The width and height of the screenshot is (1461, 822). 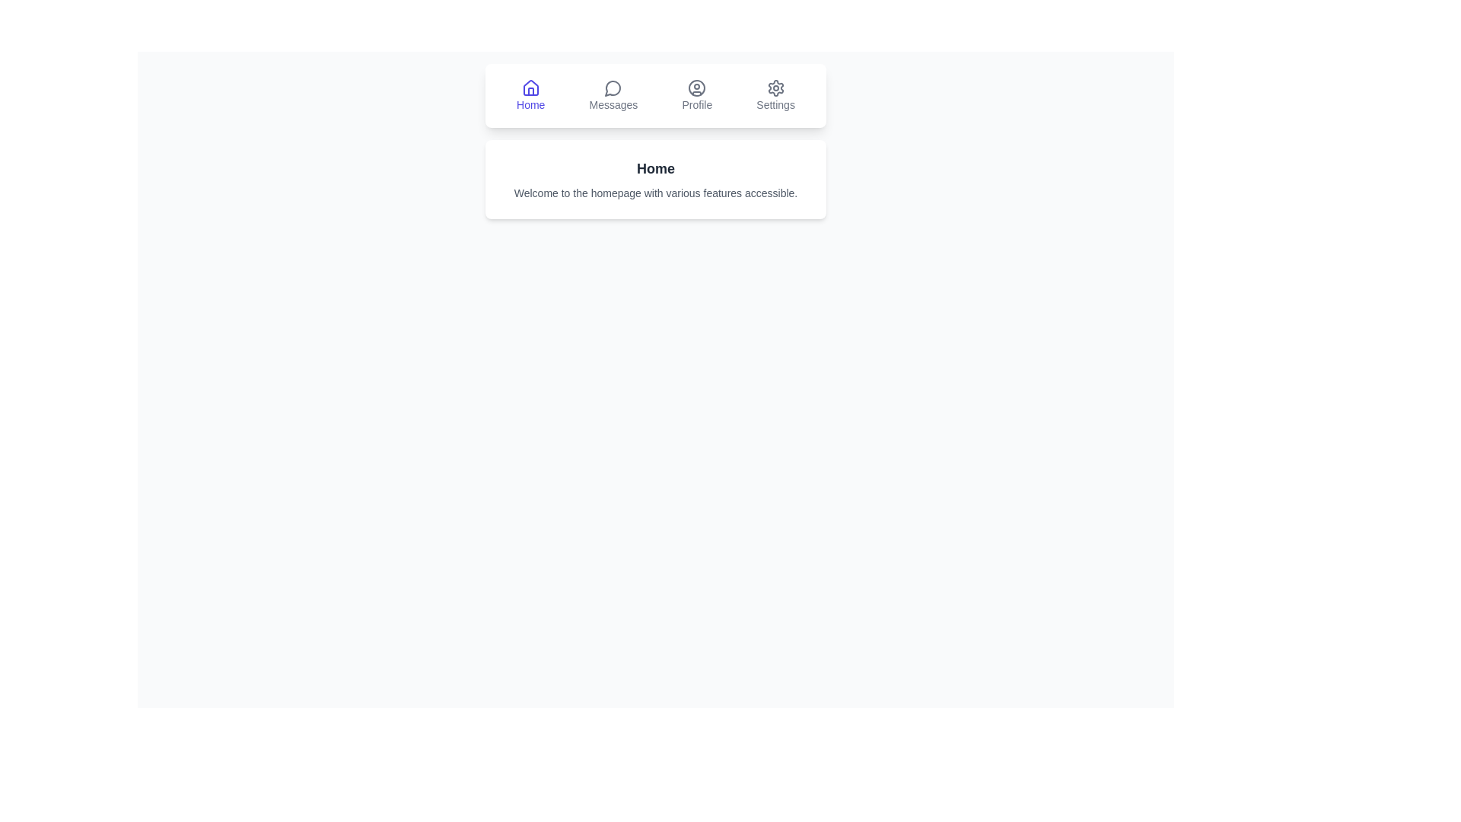 I want to click on the Messages tab, so click(x=613, y=96).